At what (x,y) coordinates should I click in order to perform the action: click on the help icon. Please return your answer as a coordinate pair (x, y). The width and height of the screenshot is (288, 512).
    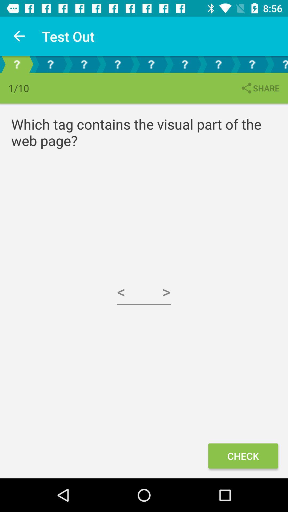
    Looking at the image, I should click on (252, 64).